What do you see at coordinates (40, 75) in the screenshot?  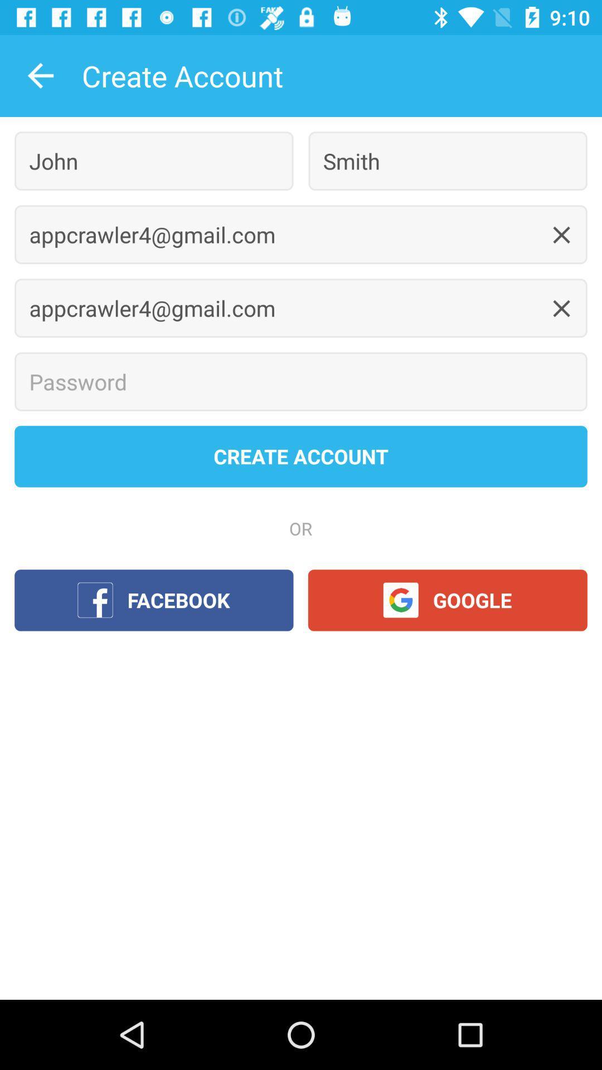 I see `icon next to the create account icon` at bounding box center [40, 75].